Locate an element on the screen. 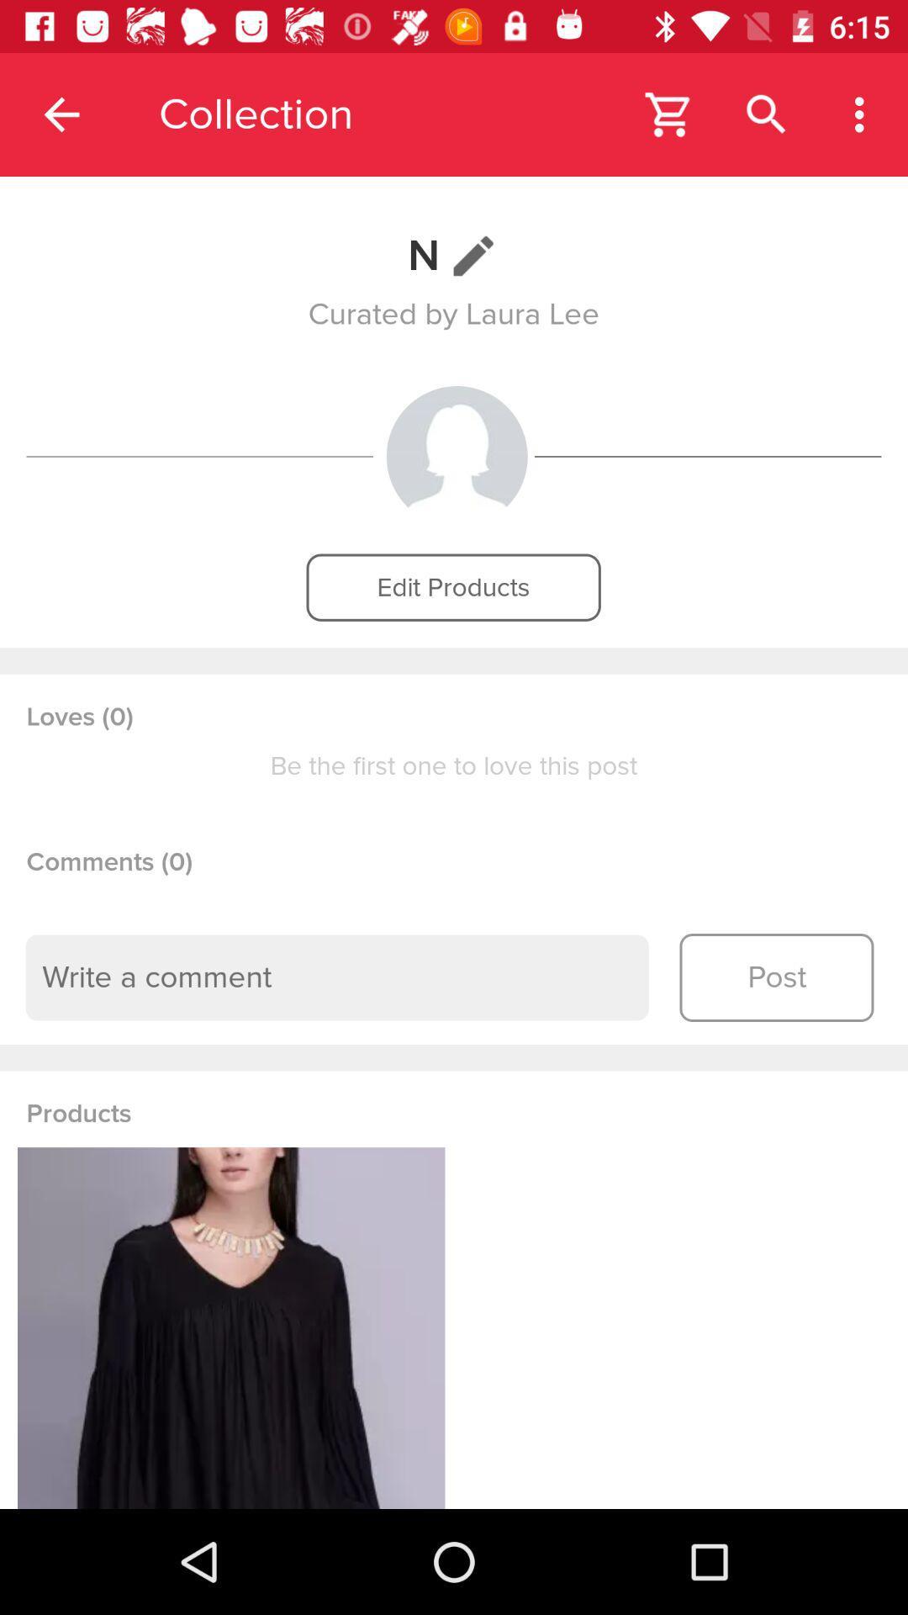 The height and width of the screenshot is (1615, 908). app next to collection icon is located at coordinates (668, 114).